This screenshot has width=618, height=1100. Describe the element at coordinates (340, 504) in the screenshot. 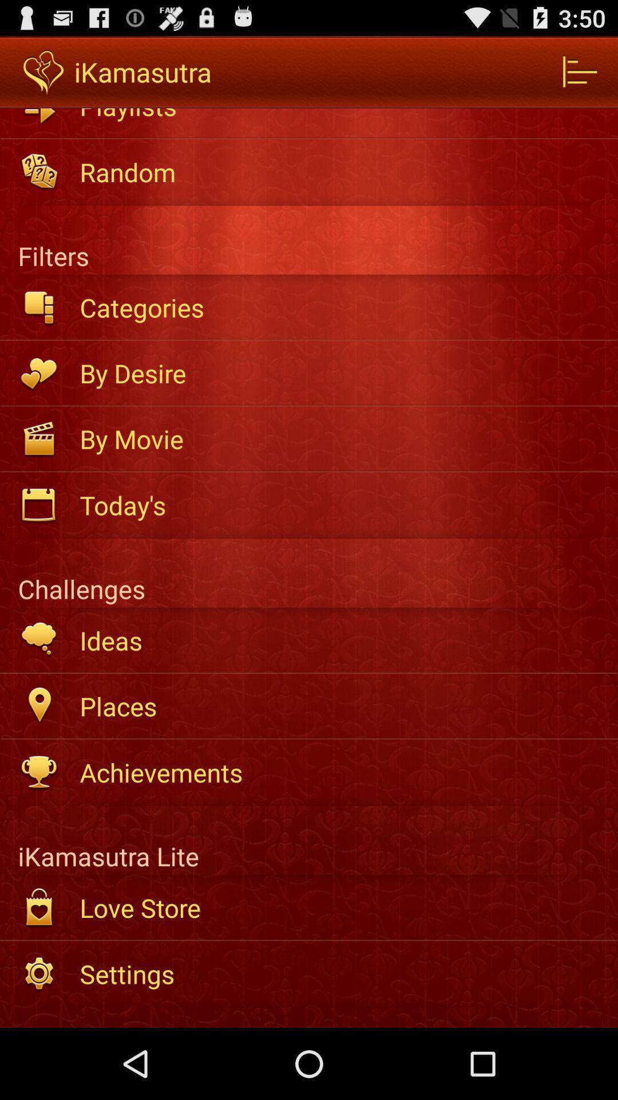

I see `the today's item` at that location.